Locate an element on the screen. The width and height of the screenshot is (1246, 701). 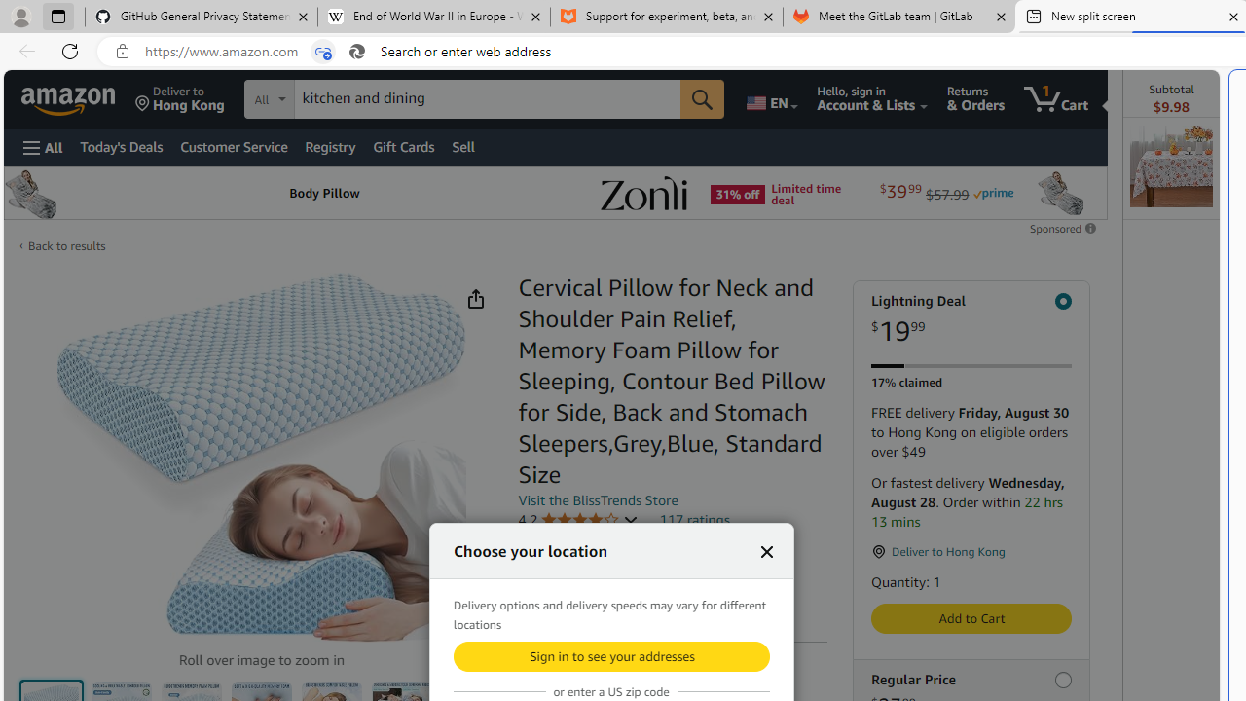
'Search Amazon' is located at coordinates (488, 98).